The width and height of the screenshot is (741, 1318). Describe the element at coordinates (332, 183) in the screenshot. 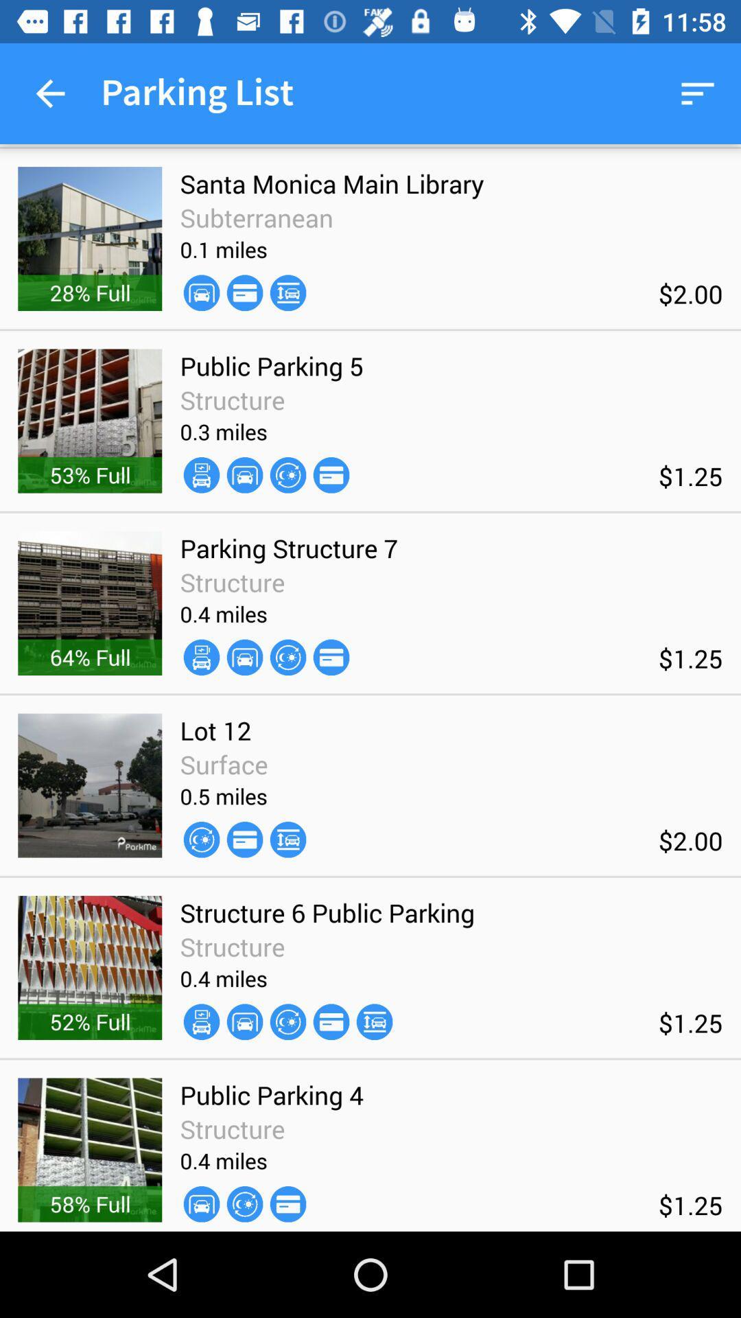

I see `the santa monica main` at that location.